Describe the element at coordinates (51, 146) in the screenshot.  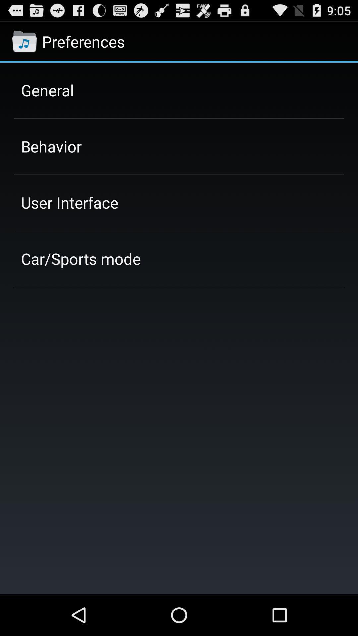
I see `app above the user interface icon` at that location.